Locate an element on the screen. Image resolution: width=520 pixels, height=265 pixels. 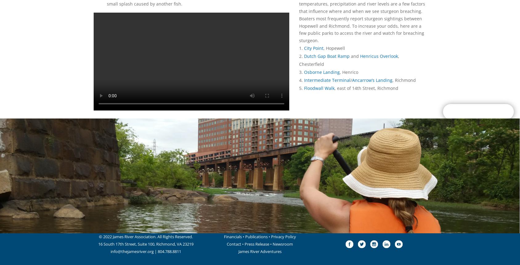
'Dutch Gap Boat Ramp' is located at coordinates (304, 56).